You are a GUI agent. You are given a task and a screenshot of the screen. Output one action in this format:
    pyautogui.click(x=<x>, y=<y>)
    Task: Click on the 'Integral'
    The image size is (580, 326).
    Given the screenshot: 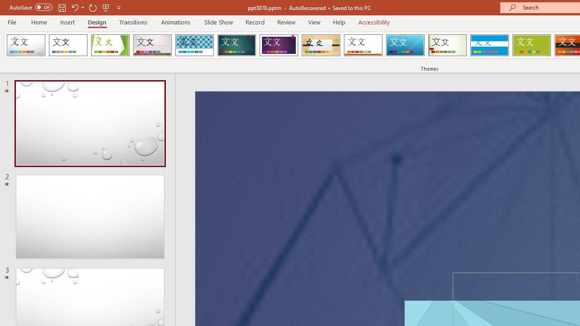 What is the action you would take?
    pyautogui.click(x=194, y=45)
    